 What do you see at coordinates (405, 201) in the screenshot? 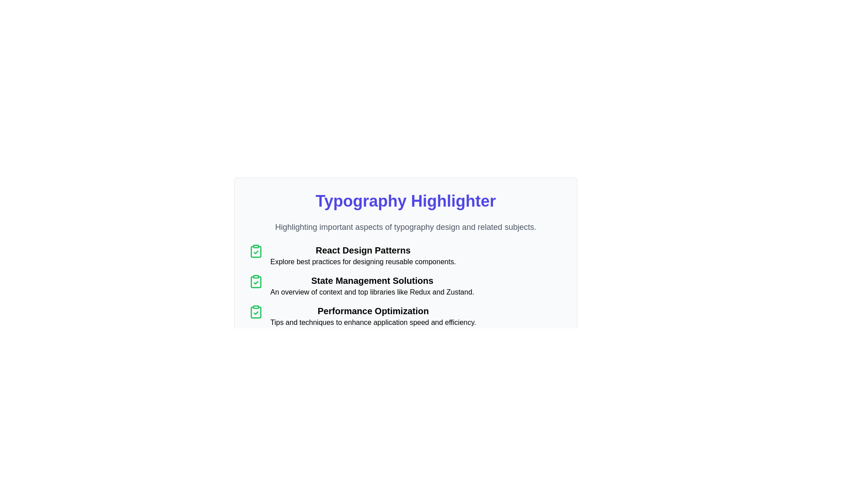
I see `on the text label displaying 'Typography Highlighter'` at bounding box center [405, 201].